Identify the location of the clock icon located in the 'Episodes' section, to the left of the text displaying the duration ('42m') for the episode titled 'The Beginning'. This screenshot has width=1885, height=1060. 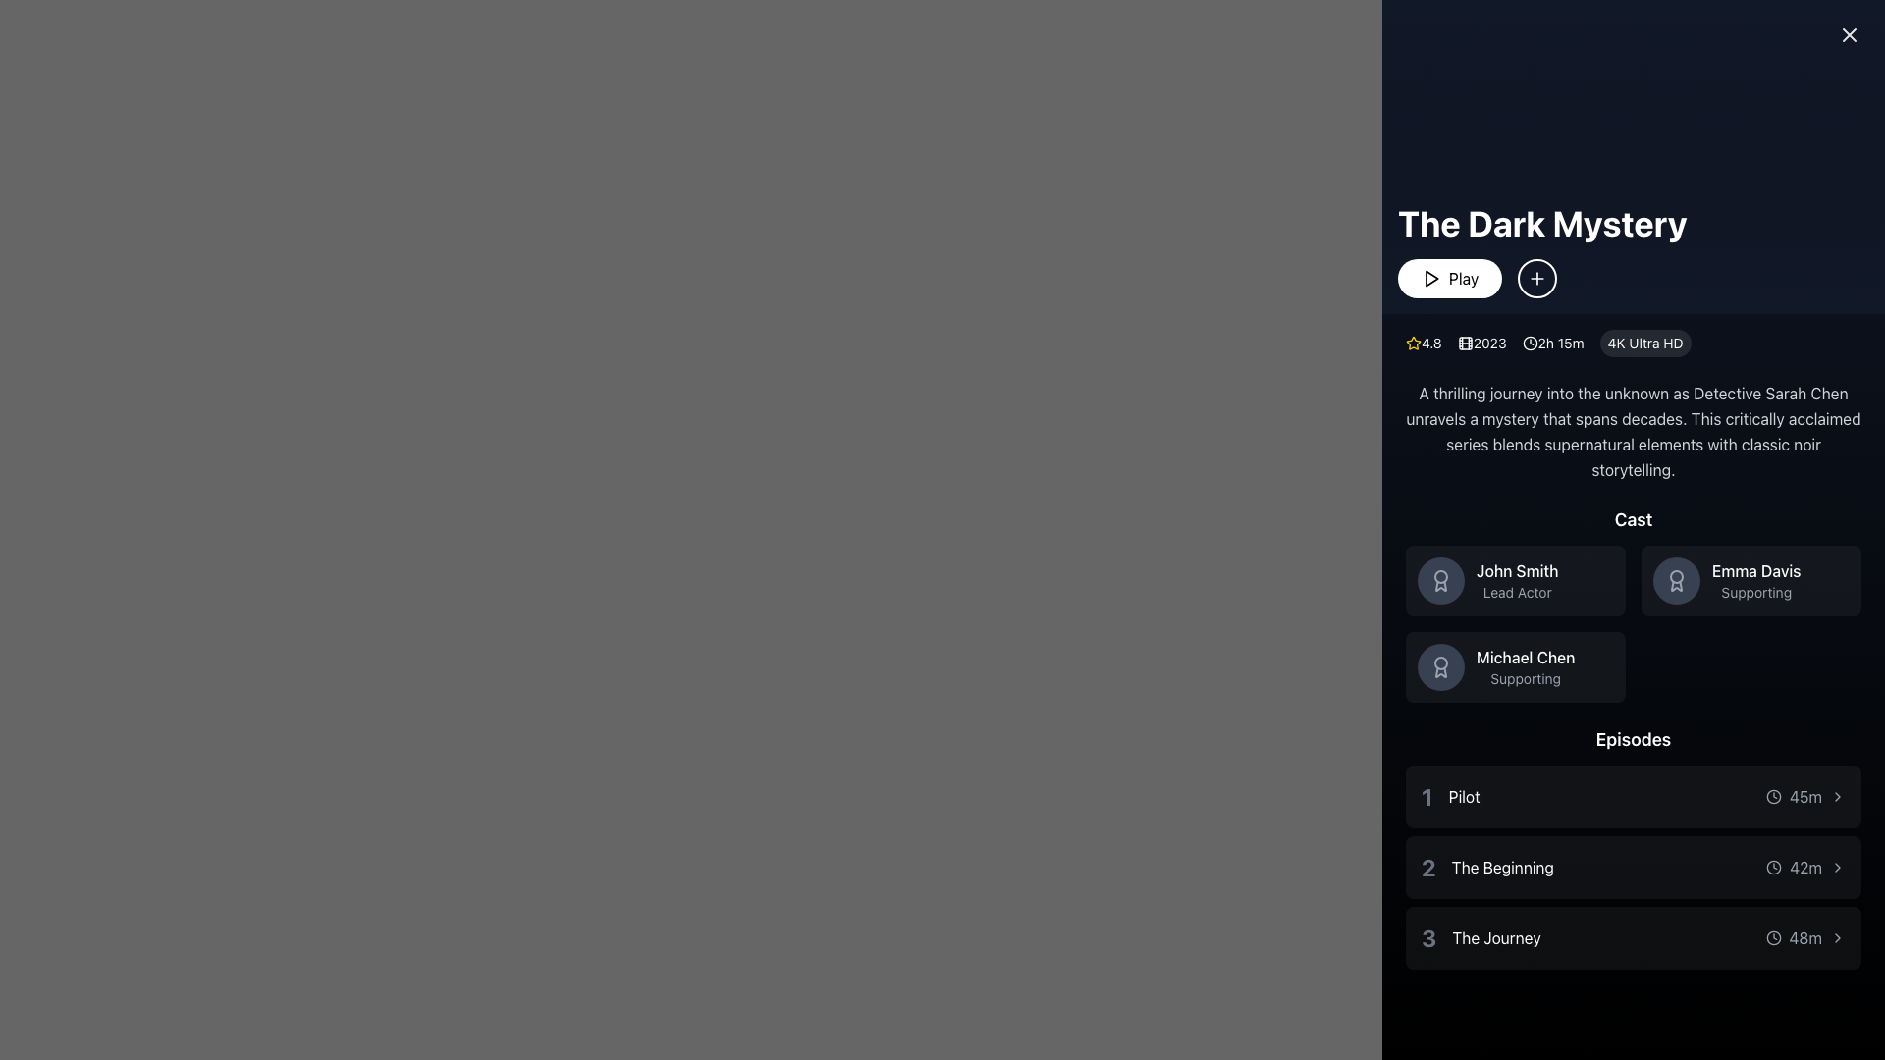
(1774, 866).